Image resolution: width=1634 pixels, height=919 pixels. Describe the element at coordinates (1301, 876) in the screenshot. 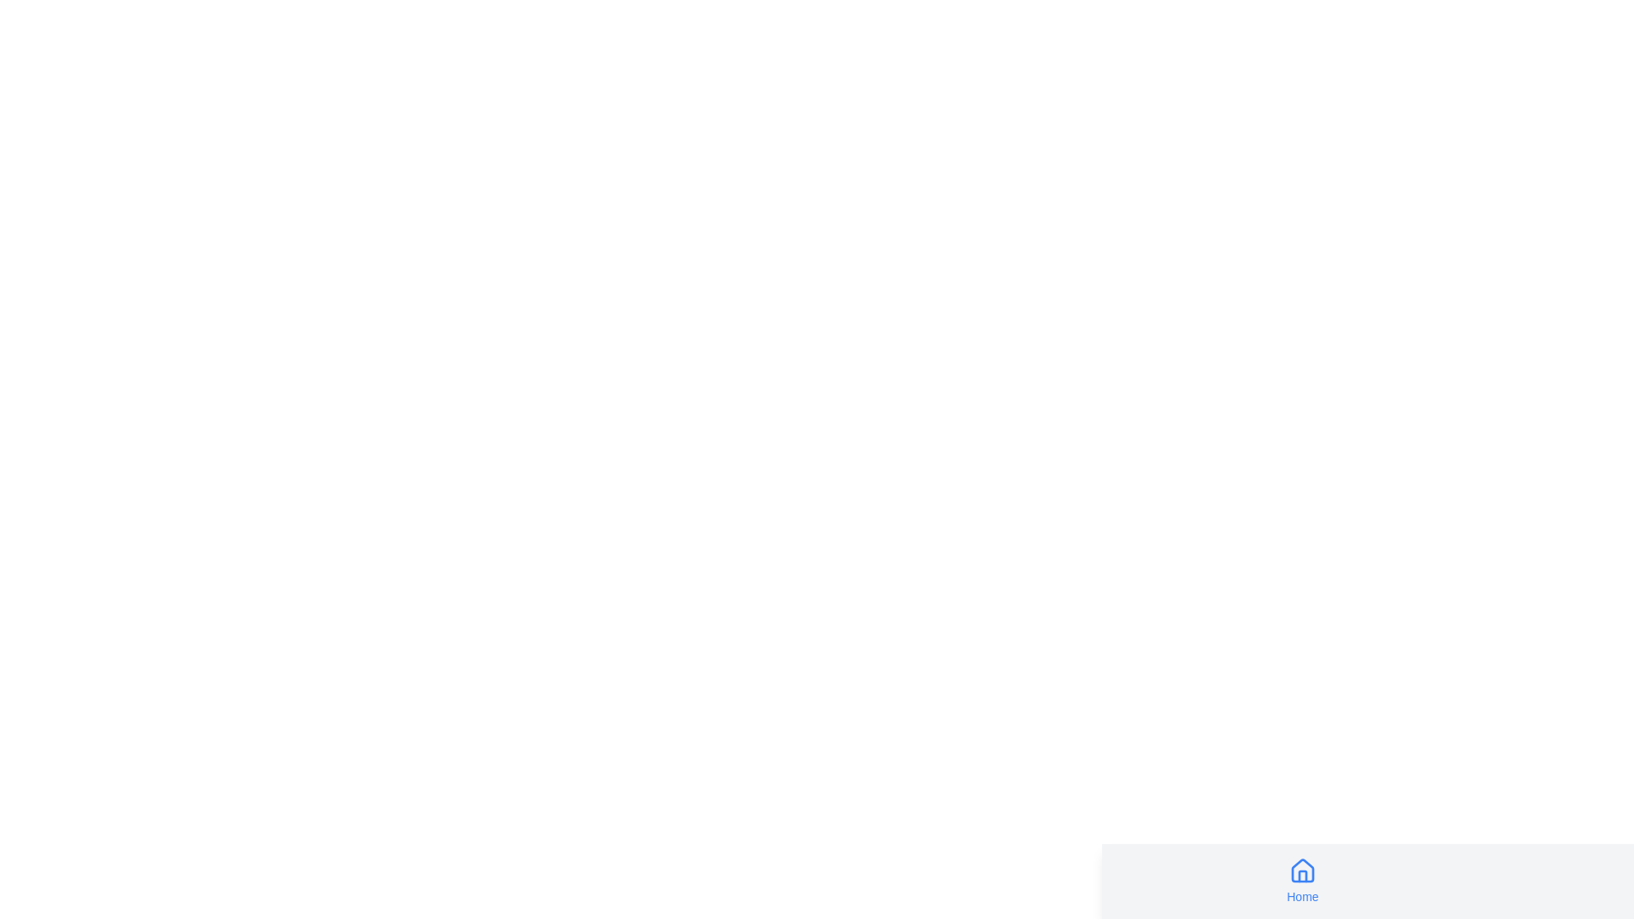

I see `the decorative door graphical element located at the lower central component of the house icon within the SVG, situated above the 'Home' label` at that location.